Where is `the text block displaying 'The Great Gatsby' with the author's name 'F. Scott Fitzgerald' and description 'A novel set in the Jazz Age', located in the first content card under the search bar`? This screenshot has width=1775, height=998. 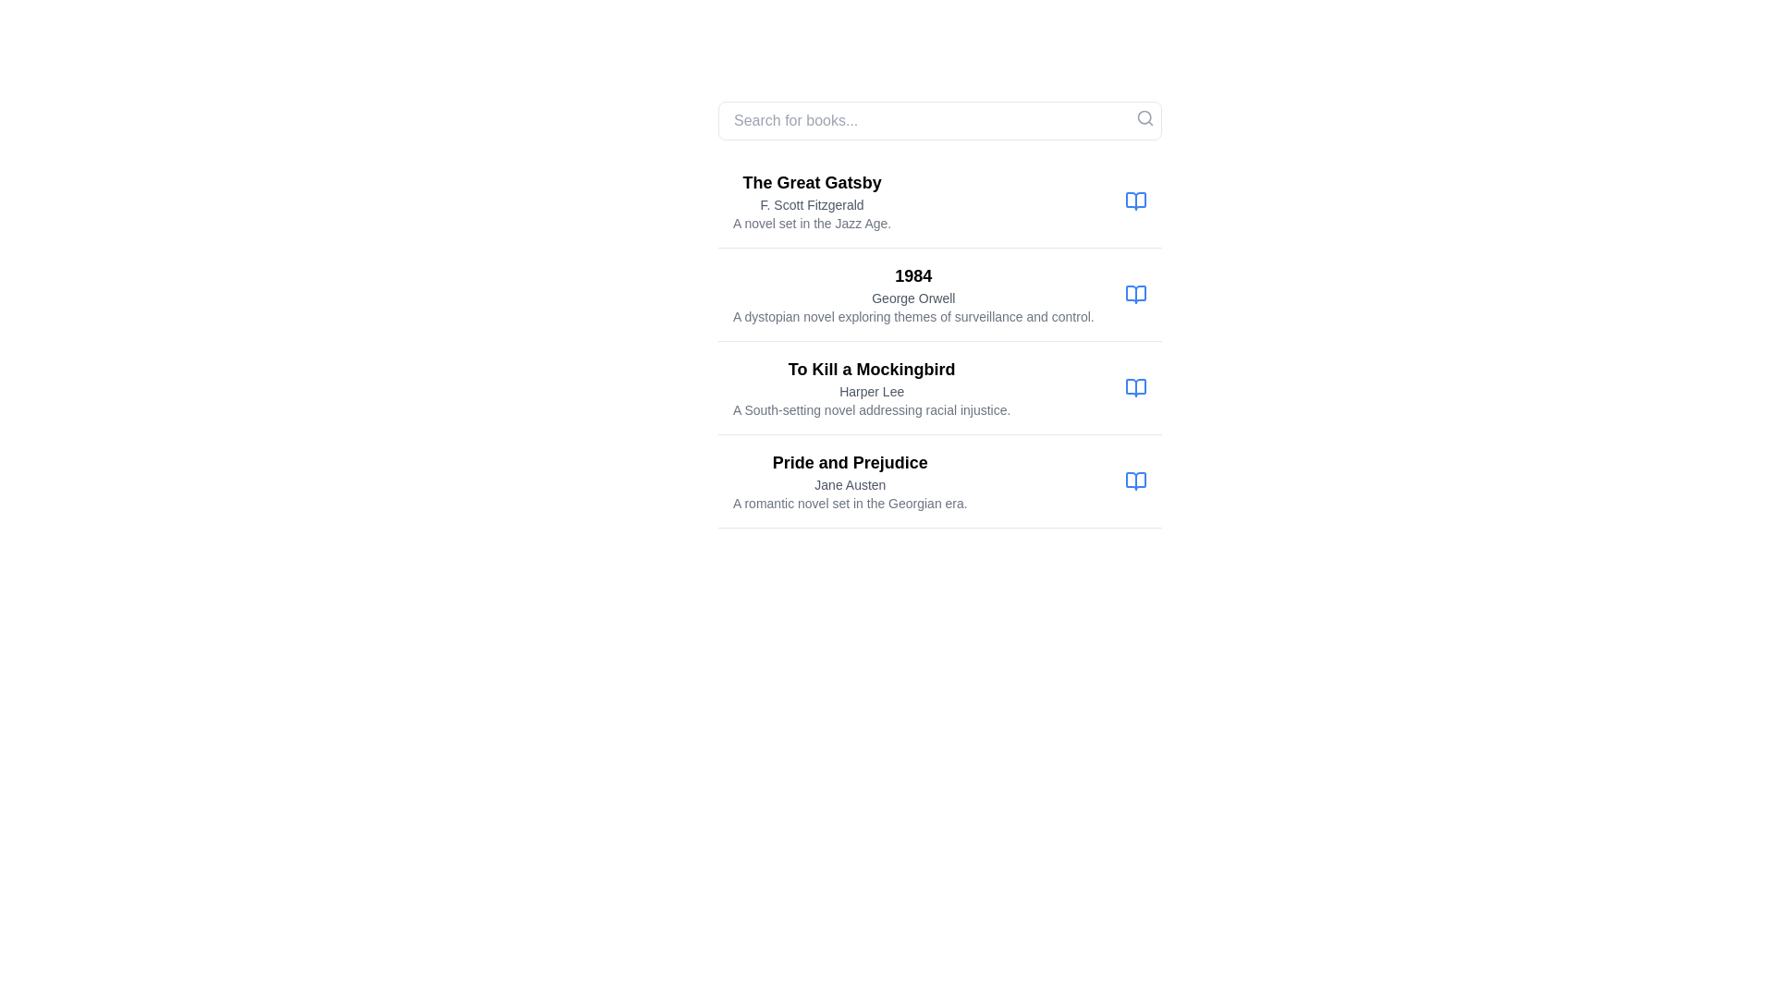 the text block displaying 'The Great Gatsby' with the author's name 'F. Scott Fitzgerald' and description 'A novel set in the Jazz Age', located in the first content card under the search bar is located at coordinates (812, 201).